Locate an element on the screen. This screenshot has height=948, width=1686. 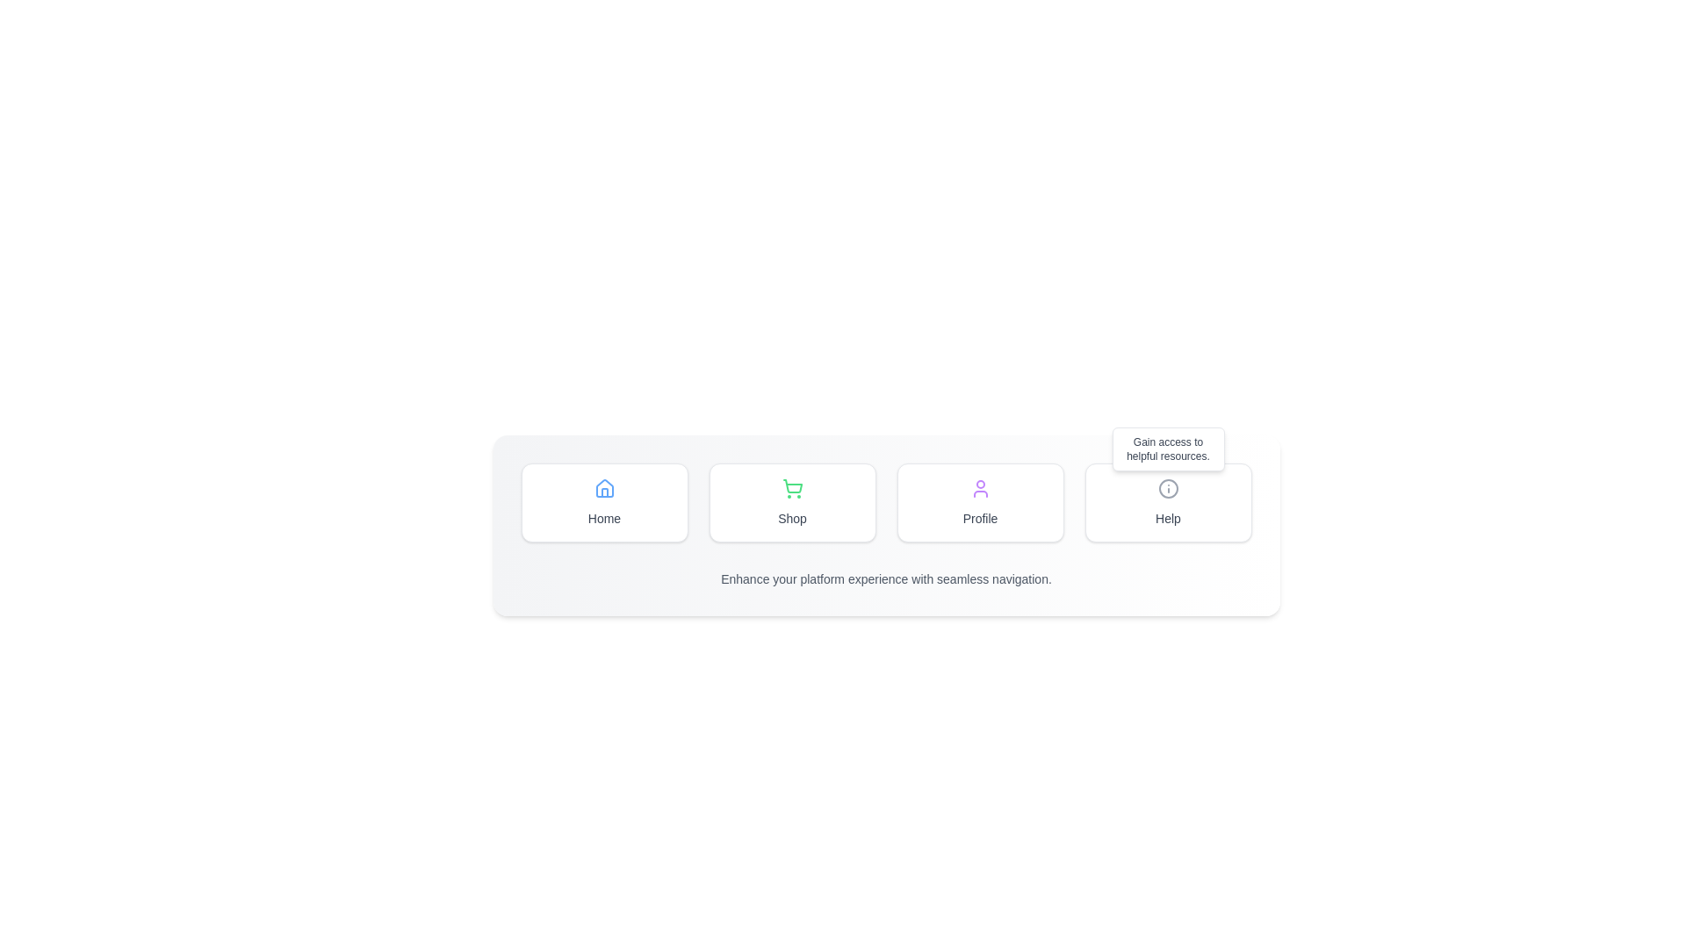
the 'Profile' icon located in the navigation menu, which is positioned between the 'Shop' and 'Help' sections is located at coordinates (979, 488).